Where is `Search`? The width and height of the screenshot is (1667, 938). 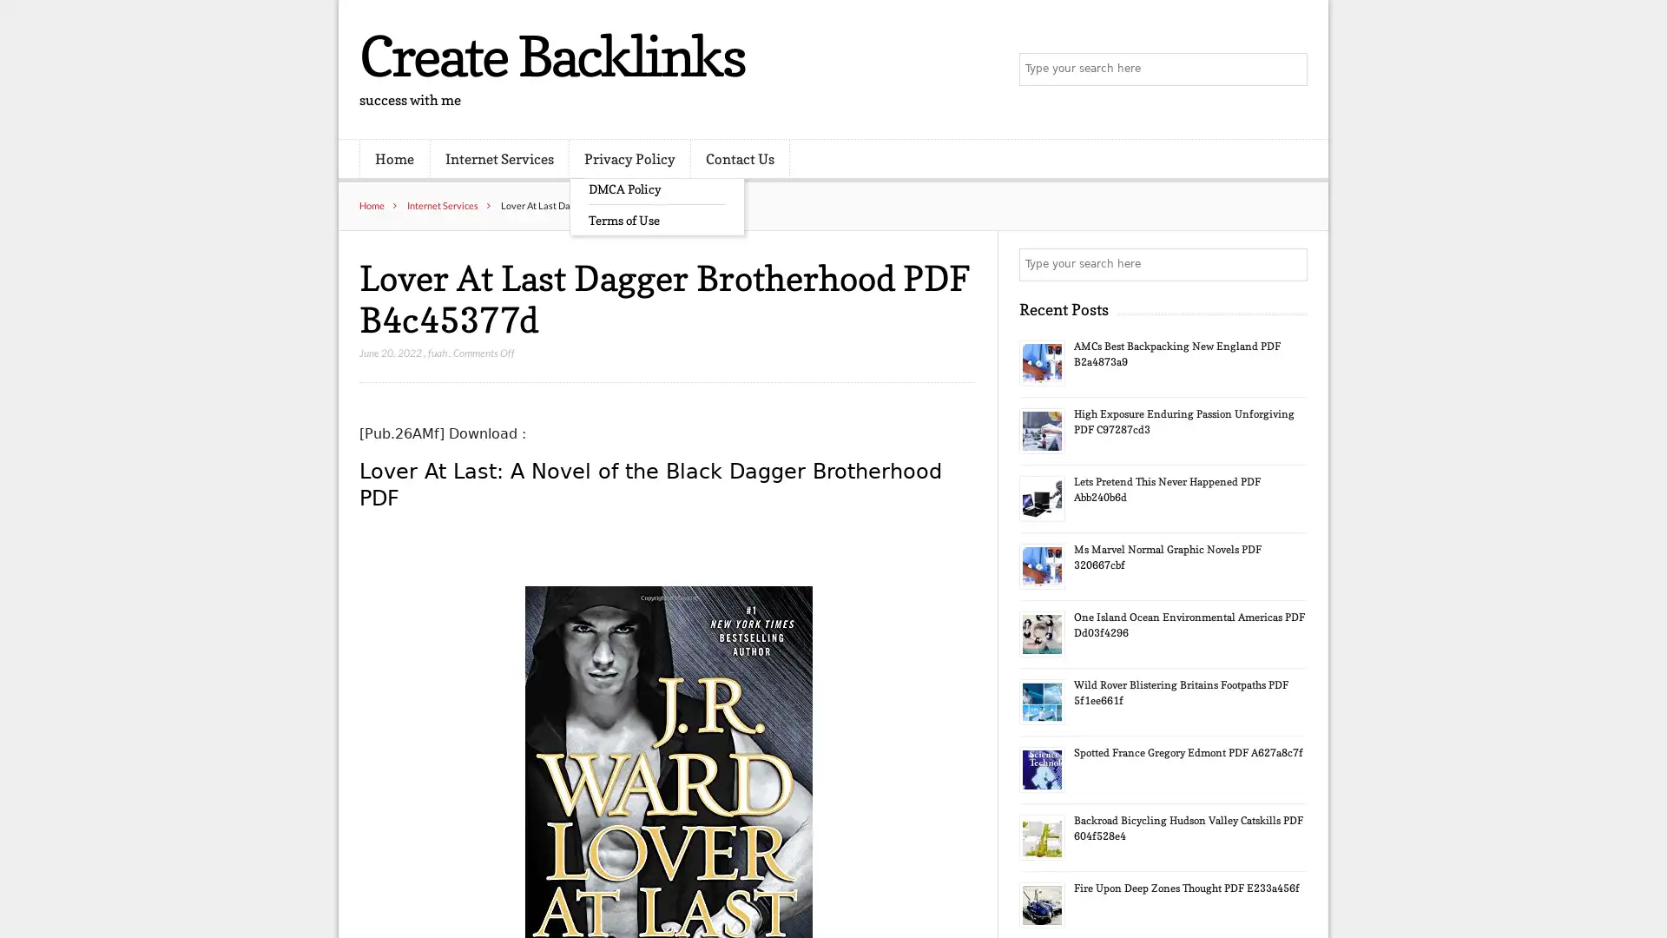 Search is located at coordinates (1289, 69).